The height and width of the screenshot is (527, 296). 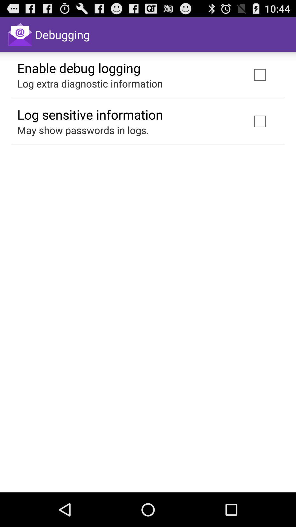 What do you see at coordinates (90, 83) in the screenshot?
I see `the log extra diagnostic item` at bounding box center [90, 83].